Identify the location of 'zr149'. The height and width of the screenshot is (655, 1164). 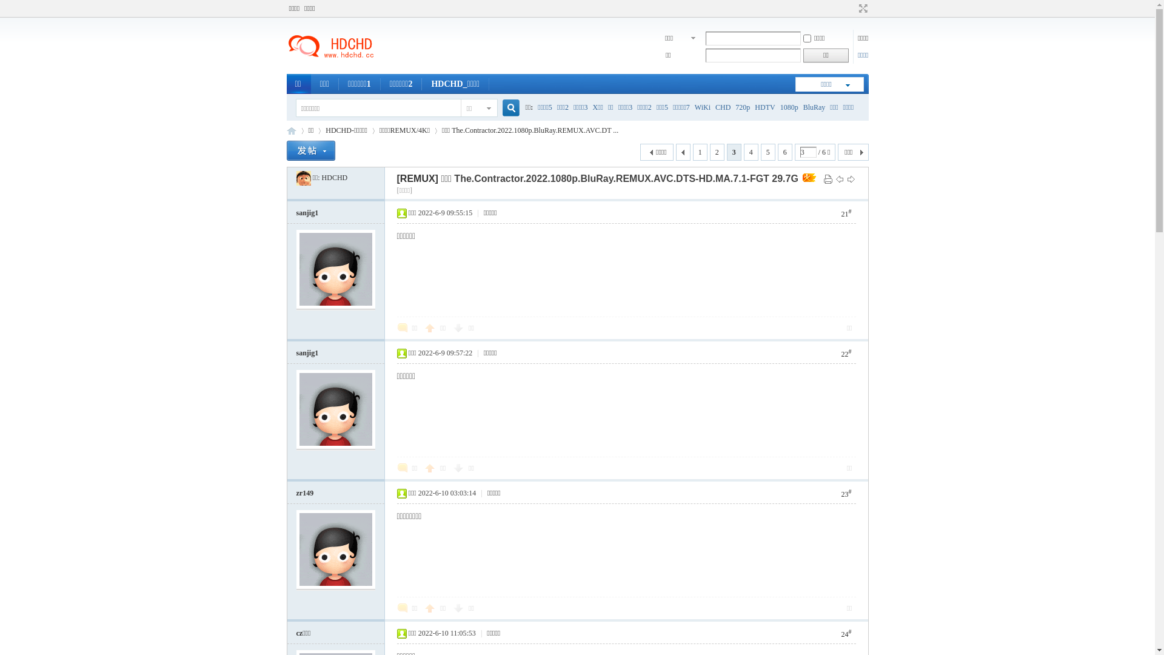
(296, 493).